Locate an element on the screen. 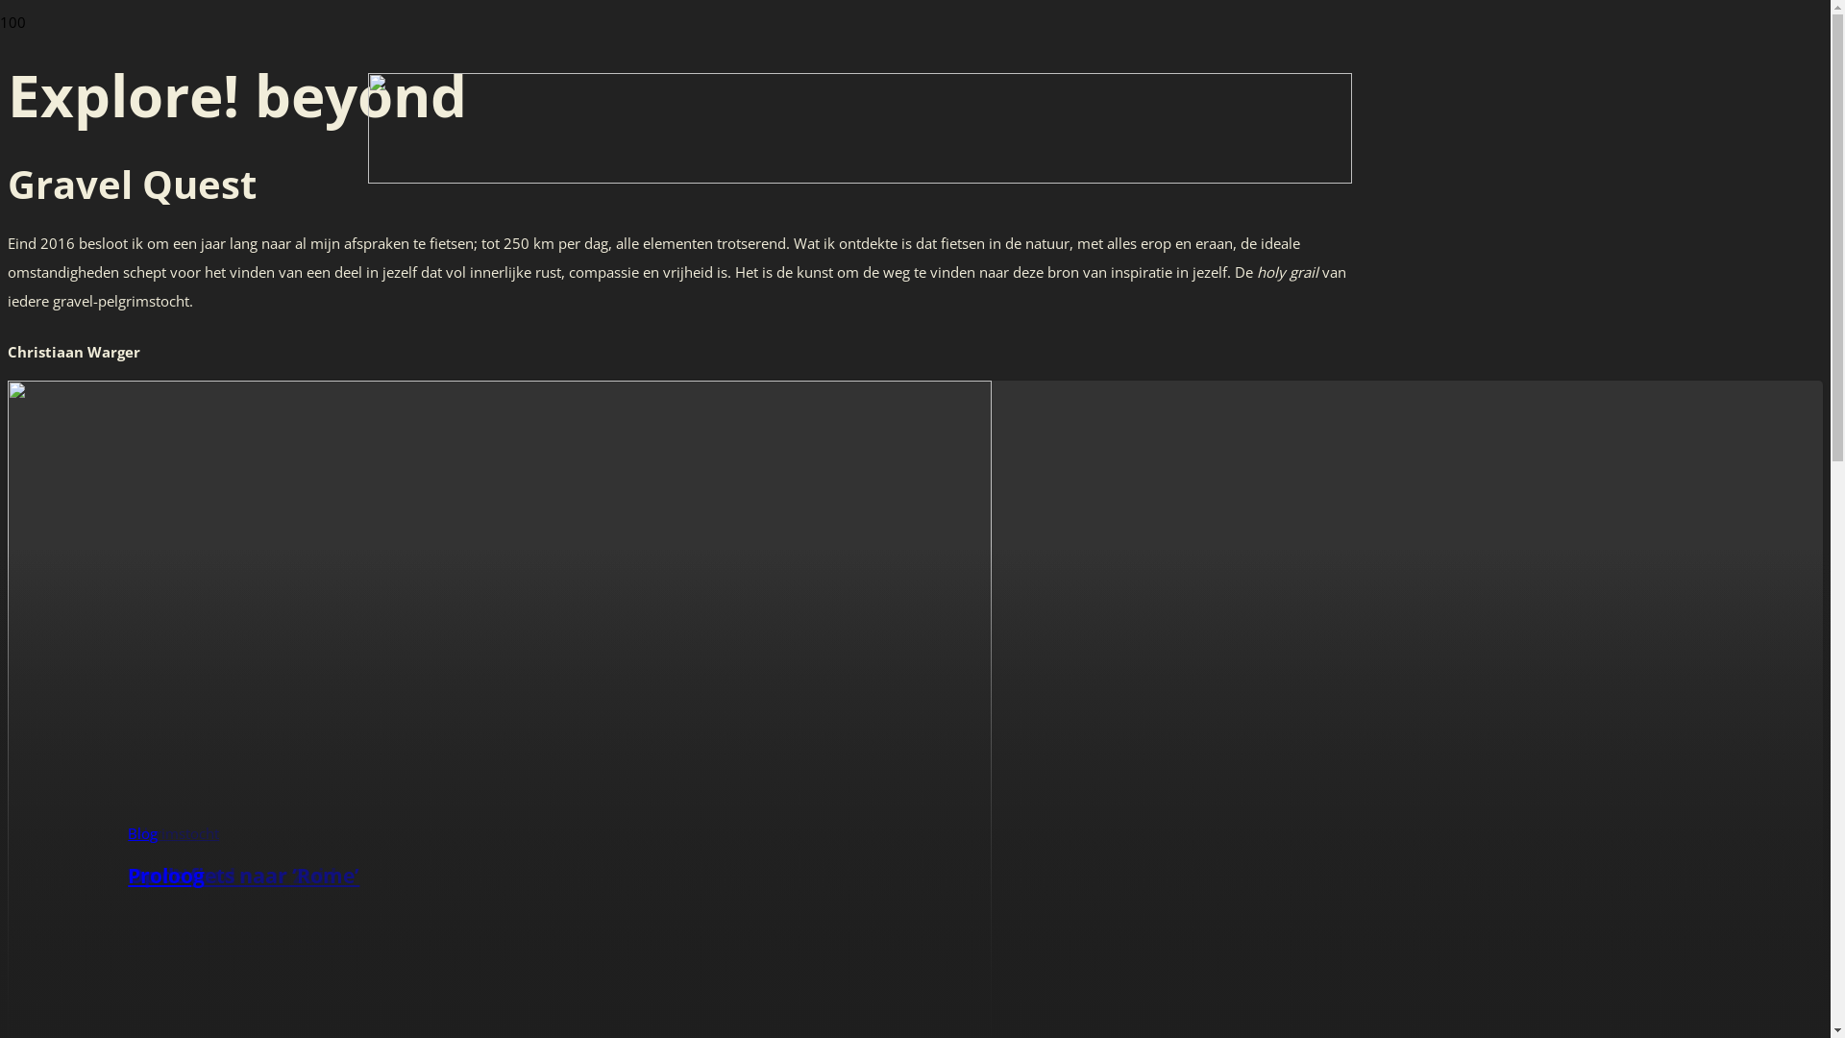 This screenshot has width=1845, height=1038. 'Proloog' is located at coordinates (127, 875).